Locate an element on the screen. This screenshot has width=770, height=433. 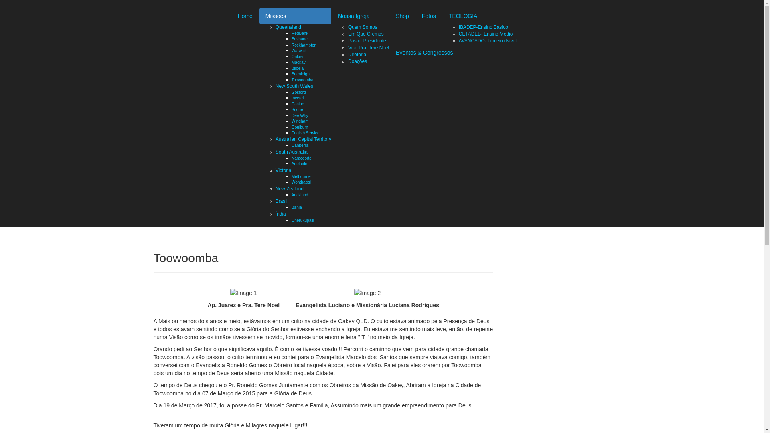
'Oakey' is located at coordinates (297, 56).